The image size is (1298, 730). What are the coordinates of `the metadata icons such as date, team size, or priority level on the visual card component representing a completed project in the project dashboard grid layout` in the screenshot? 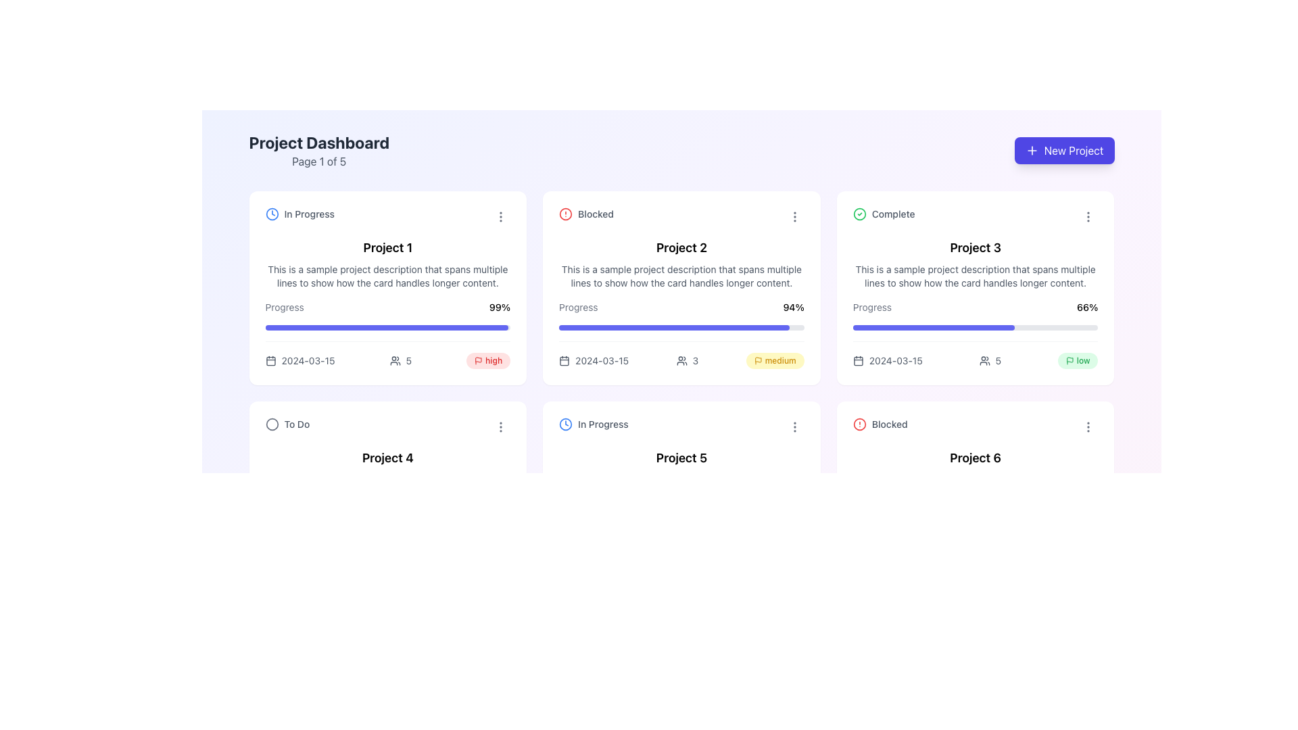 It's located at (976, 287).